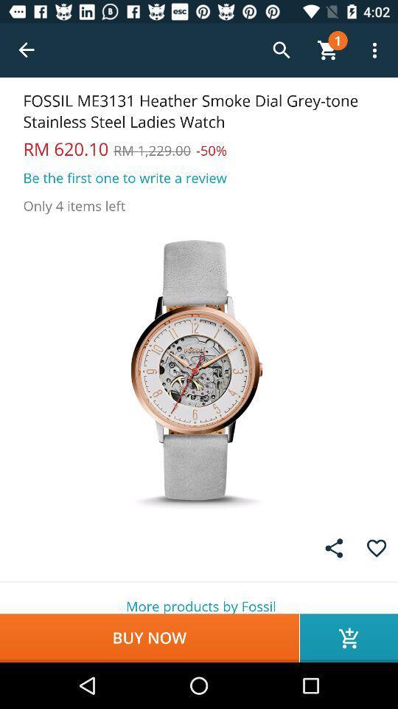  Describe the element at coordinates (199, 598) in the screenshot. I see `more products by icon` at that location.